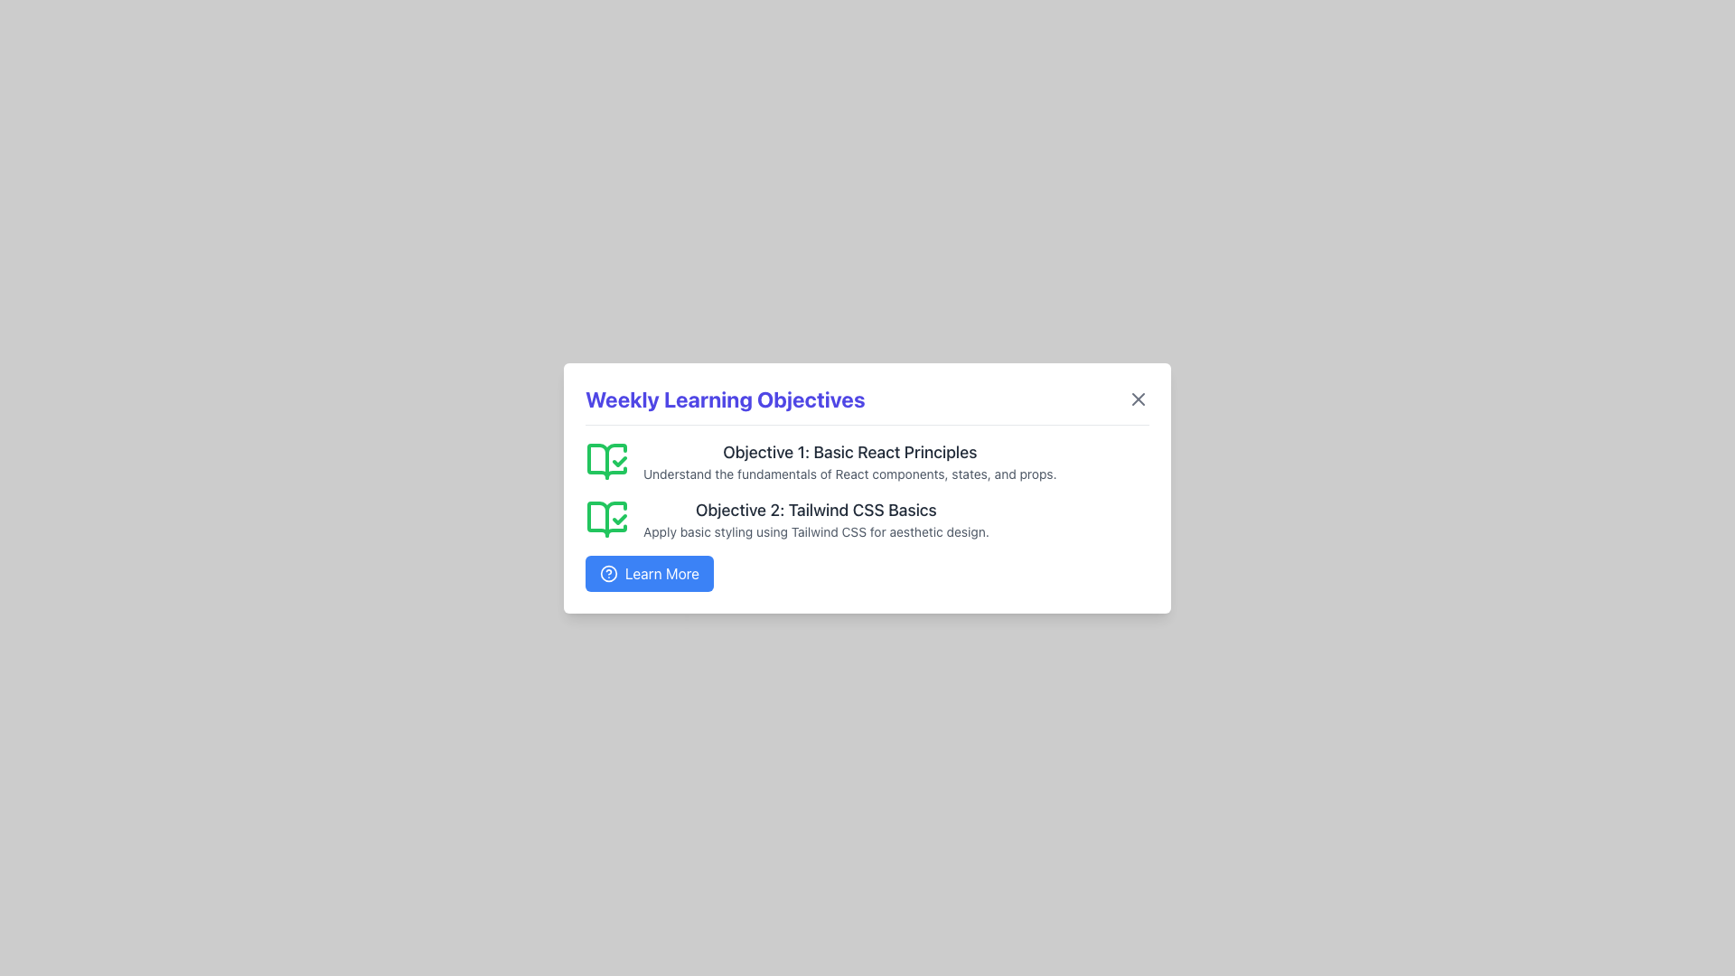 Image resolution: width=1735 pixels, height=976 pixels. I want to click on the text label that serves as the title for the learning objective 'Basic React Principles', which is positioned near the top of a modal dialog, to the right of a book icon, so click(849, 451).